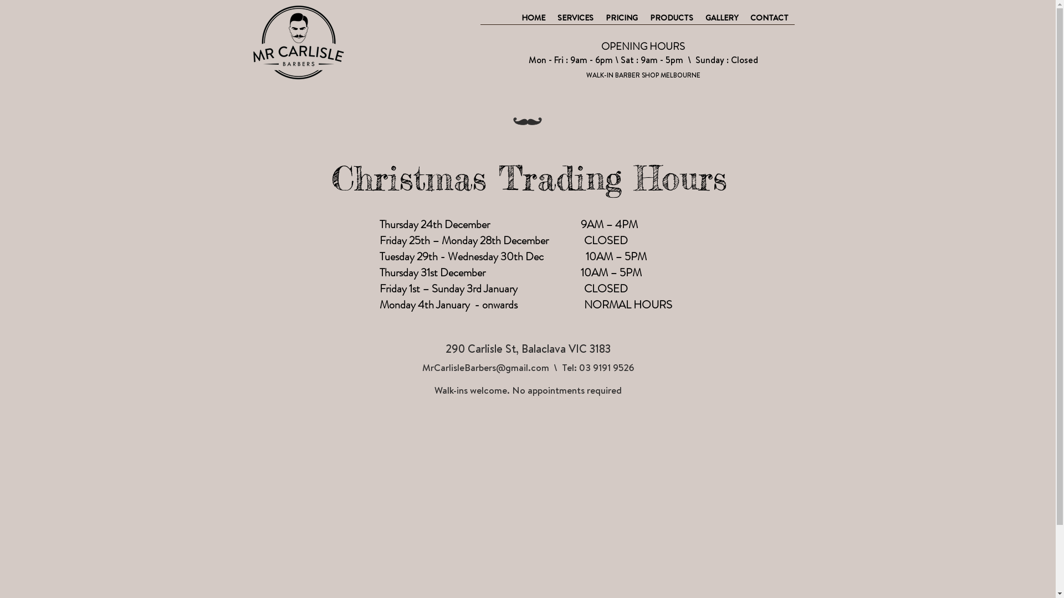  Describe the element at coordinates (485, 367) in the screenshot. I see `'MrCarlisleBarbers@gmail.com'` at that location.